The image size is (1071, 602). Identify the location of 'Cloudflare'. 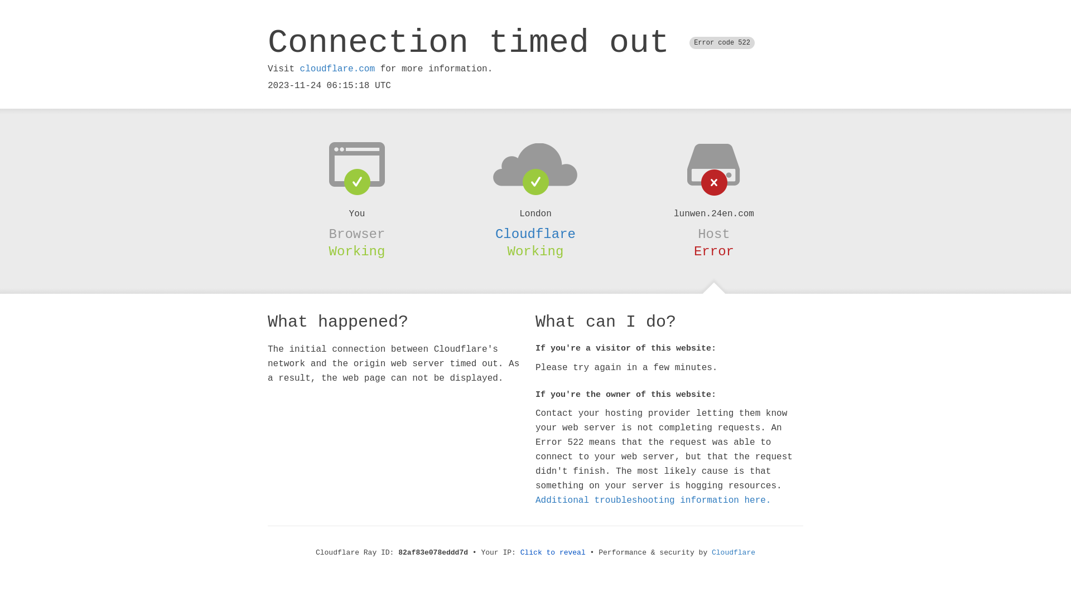
(535, 234).